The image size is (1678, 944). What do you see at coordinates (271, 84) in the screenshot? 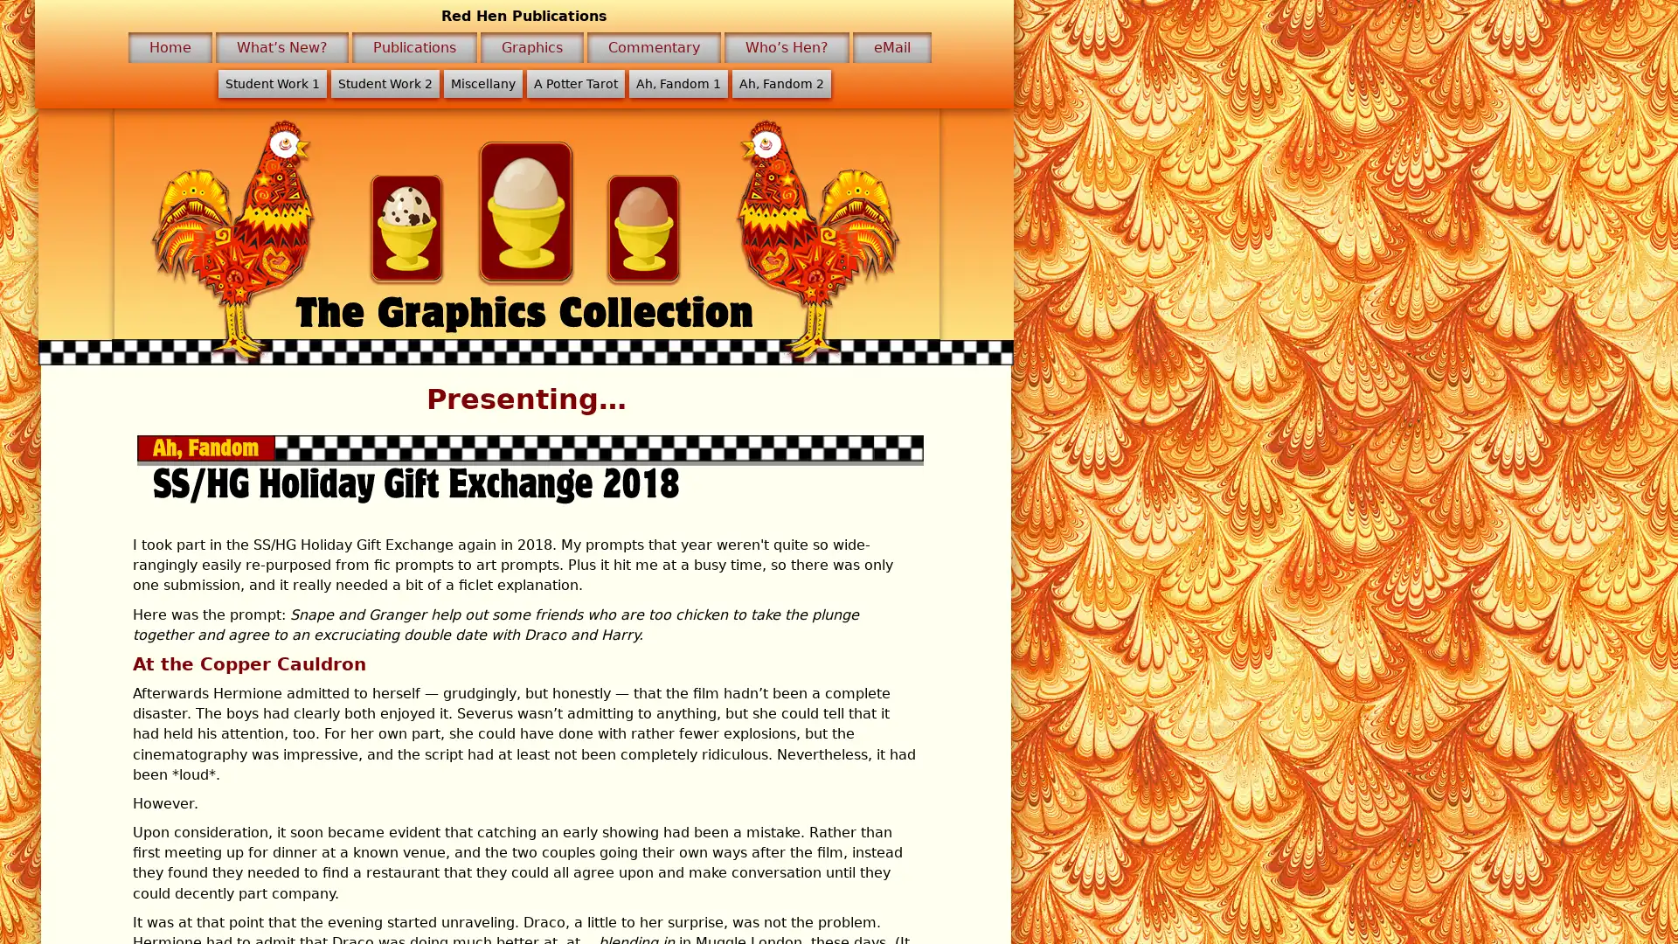
I see `Student Work 1` at bounding box center [271, 84].